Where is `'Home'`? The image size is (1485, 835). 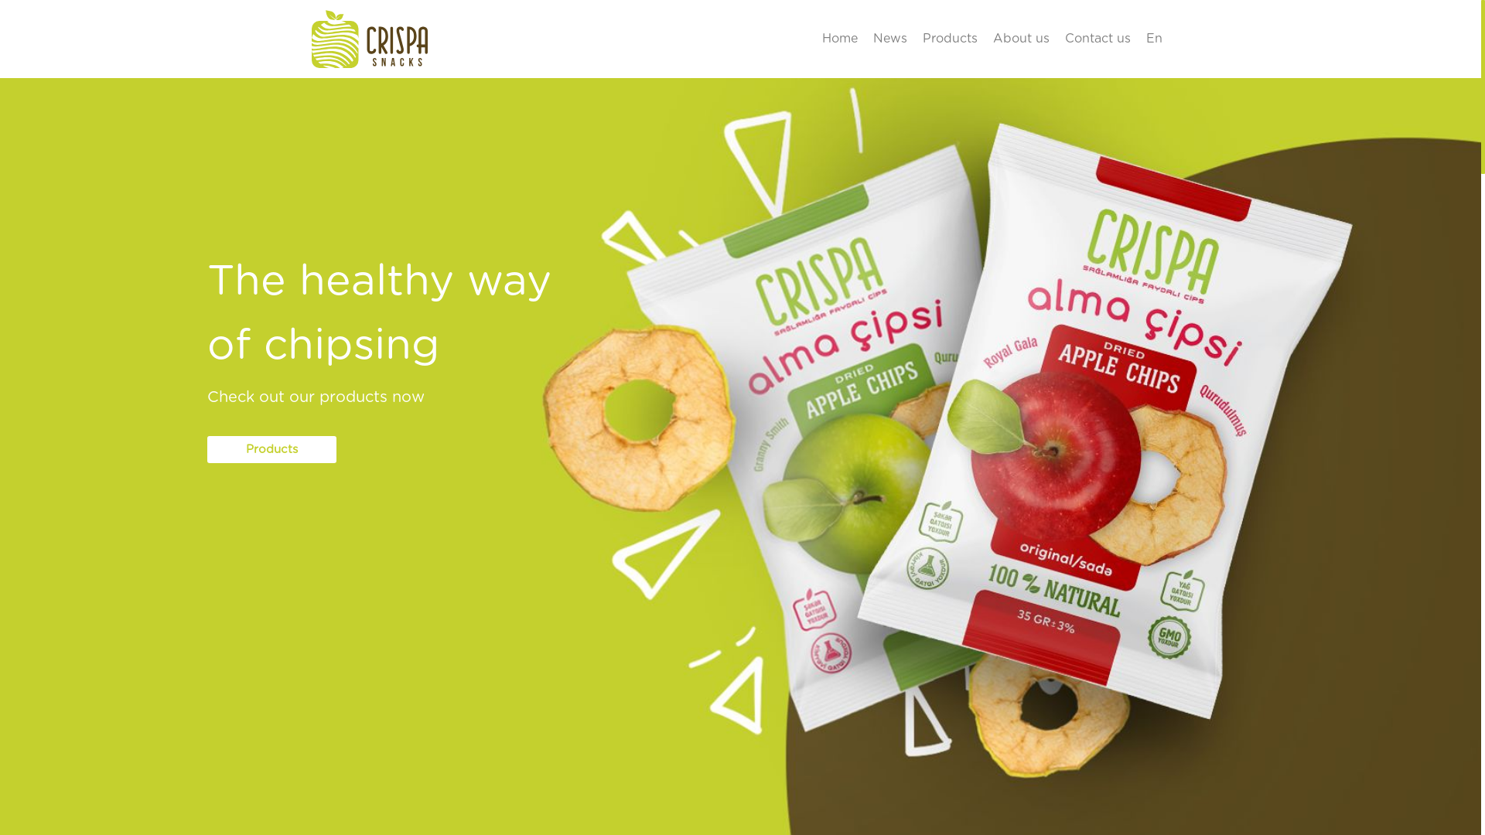 'Home' is located at coordinates (838, 38).